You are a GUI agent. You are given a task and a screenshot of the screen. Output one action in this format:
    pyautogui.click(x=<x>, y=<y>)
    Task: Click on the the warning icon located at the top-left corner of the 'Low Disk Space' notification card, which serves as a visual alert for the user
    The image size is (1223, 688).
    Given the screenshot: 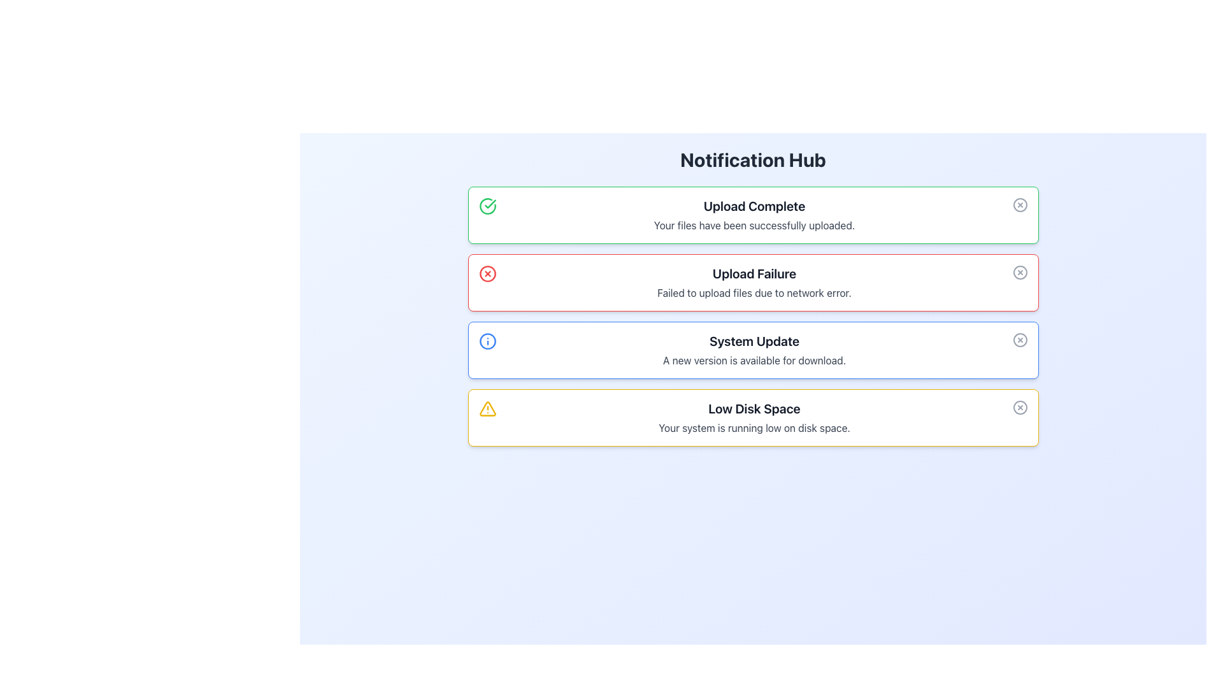 What is the action you would take?
    pyautogui.click(x=487, y=408)
    